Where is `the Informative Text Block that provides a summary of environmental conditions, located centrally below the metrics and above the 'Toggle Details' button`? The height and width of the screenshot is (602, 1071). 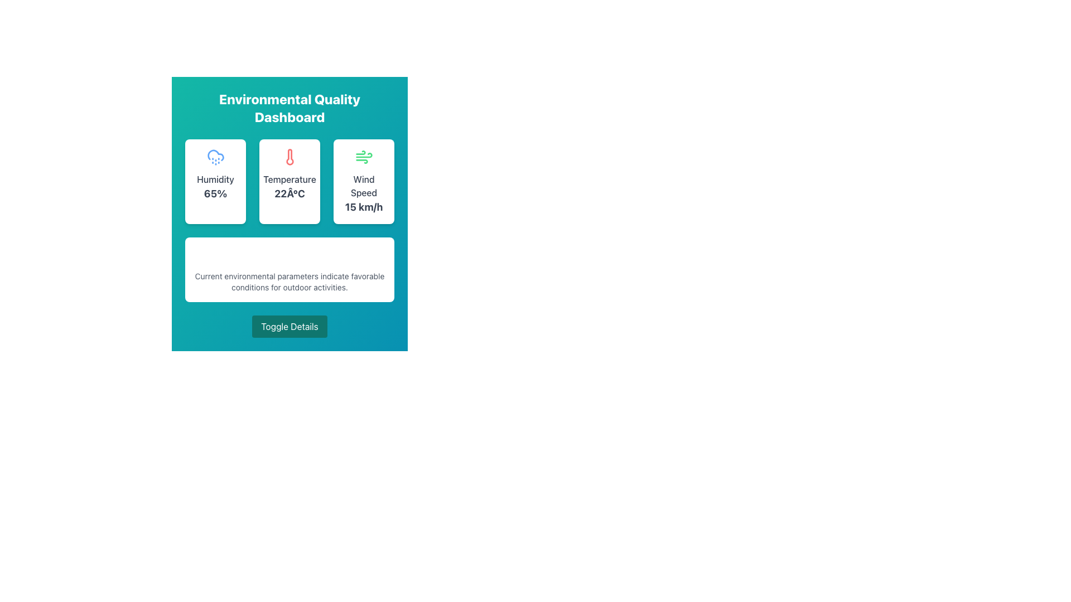 the Informative Text Block that provides a summary of environmental conditions, located centrally below the metrics and above the 'Toggle Details' button is located at coordinates (290, 269).